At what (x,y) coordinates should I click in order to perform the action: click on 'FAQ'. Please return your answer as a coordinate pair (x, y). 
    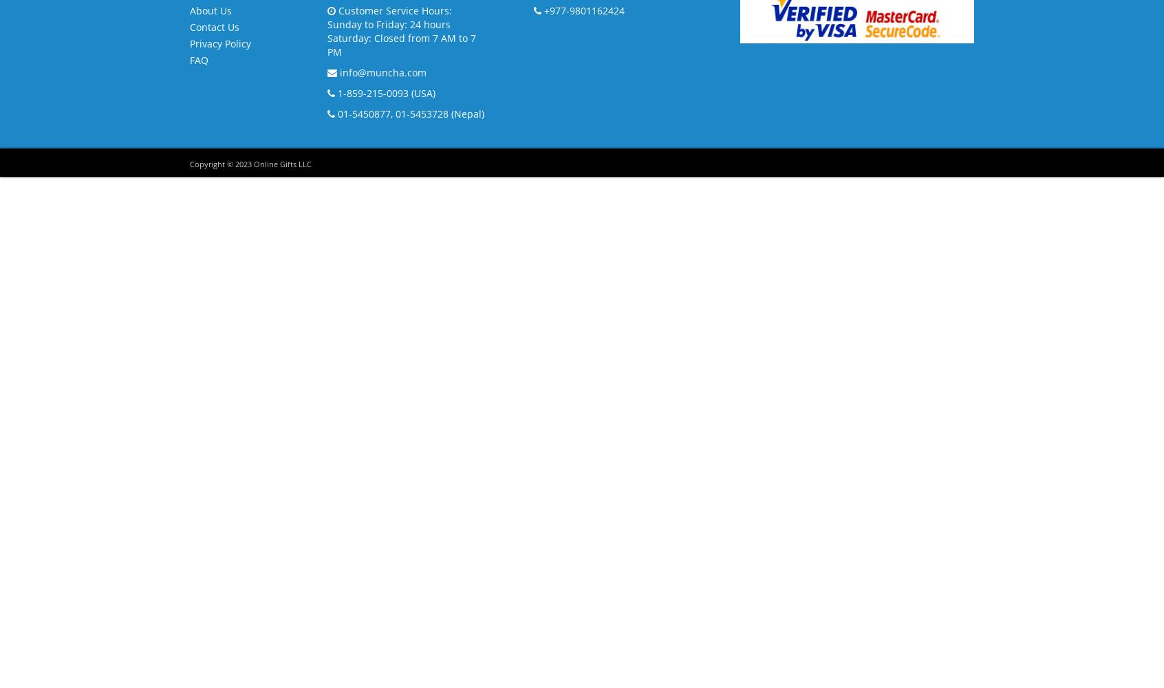
    Looking at the image, I should click on (198, 58).